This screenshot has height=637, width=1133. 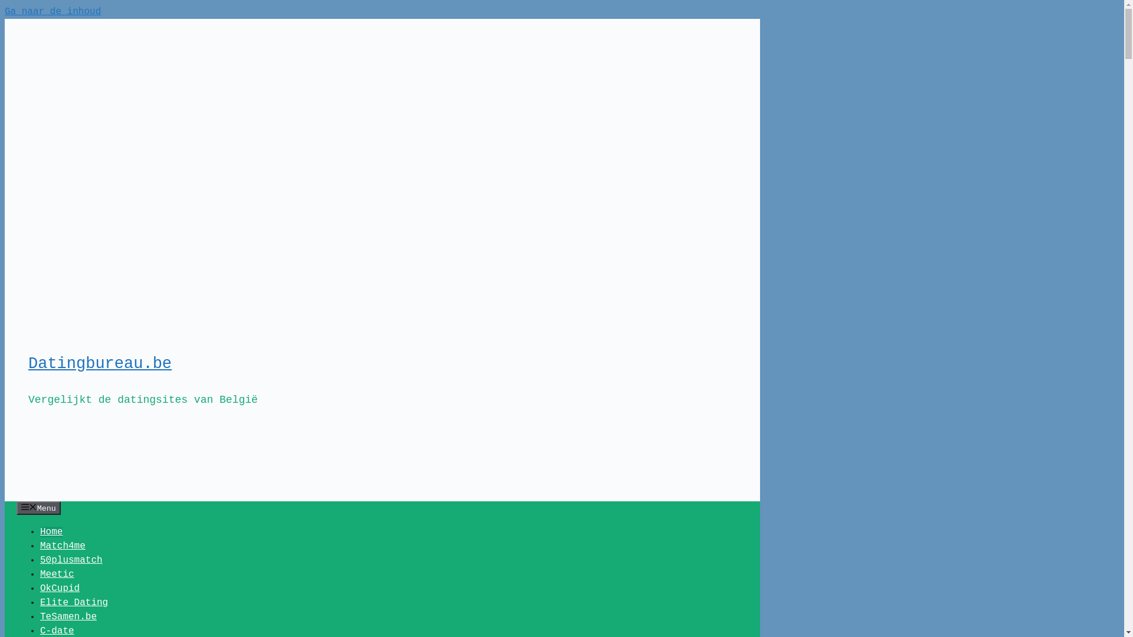 I want to click on 'Datingbureau.be', so click(x=100, y=363).